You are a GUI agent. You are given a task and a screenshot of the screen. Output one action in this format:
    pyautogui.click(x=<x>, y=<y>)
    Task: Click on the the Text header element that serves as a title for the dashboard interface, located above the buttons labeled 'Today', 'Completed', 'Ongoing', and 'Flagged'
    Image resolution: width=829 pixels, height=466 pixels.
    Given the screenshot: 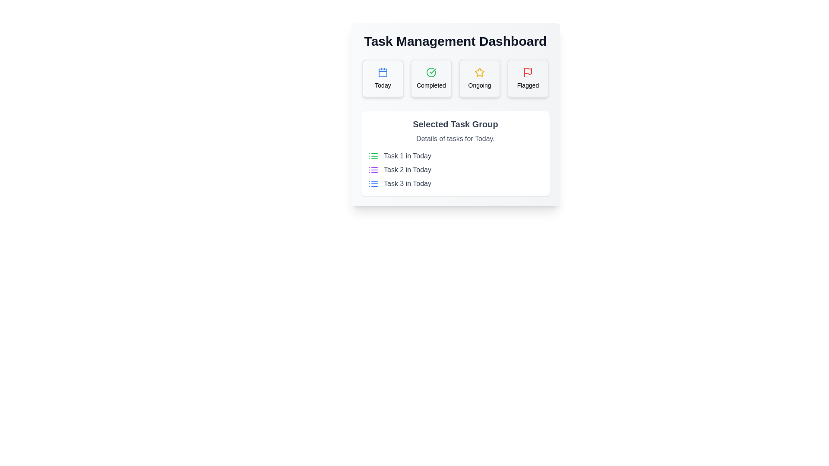 What is the action you would take?
    pyautogui.click(x=455, y=41)
    